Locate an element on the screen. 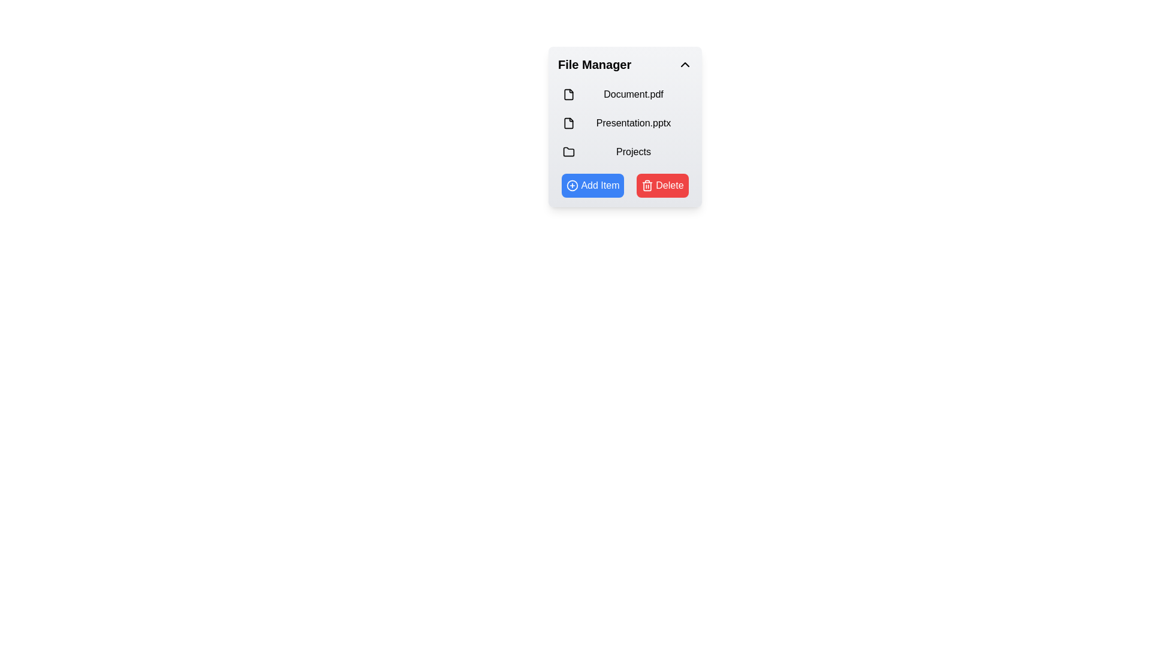  the text label representing the file named 'Document.pdf' in the 'File Manager' section is located at coordinates (632, 94).